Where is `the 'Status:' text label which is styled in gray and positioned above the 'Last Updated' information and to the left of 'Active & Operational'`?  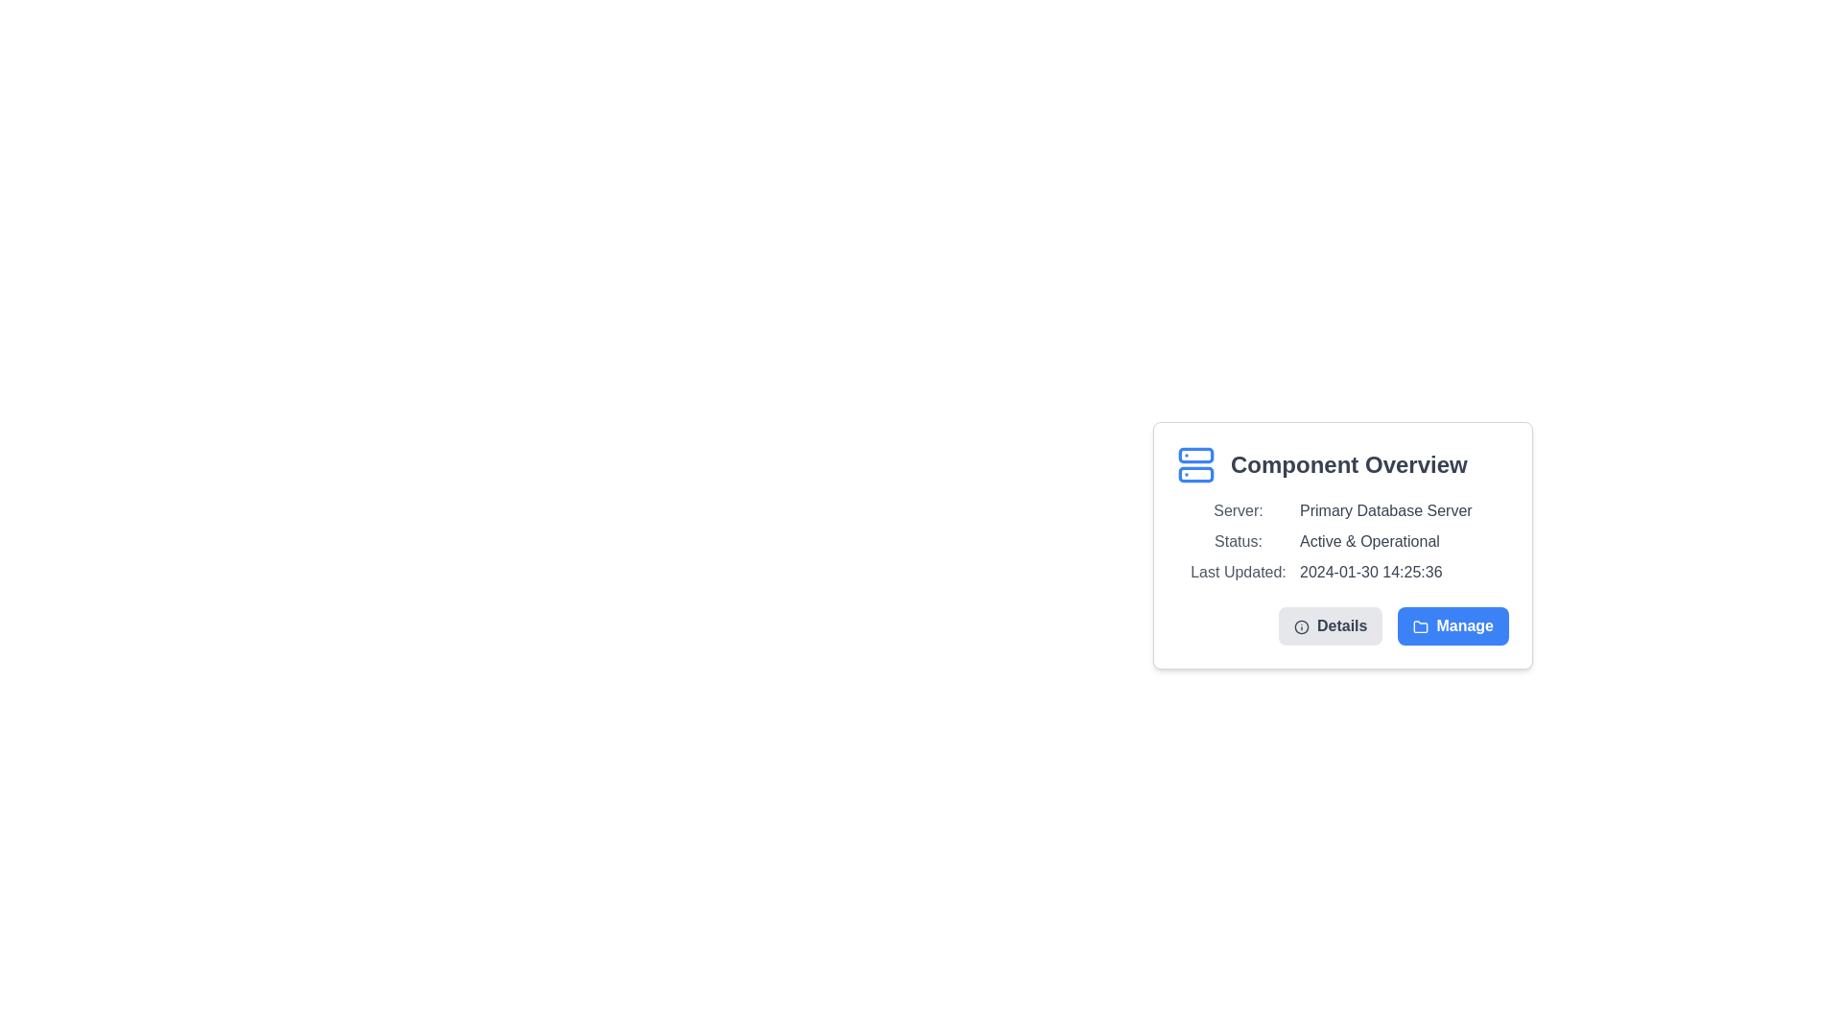 the 'Status:' text label which is styled in gray and positioned above the 'Last Updated' information and to the left of 'Active & Operational' is located at coordinates (1239, 541).